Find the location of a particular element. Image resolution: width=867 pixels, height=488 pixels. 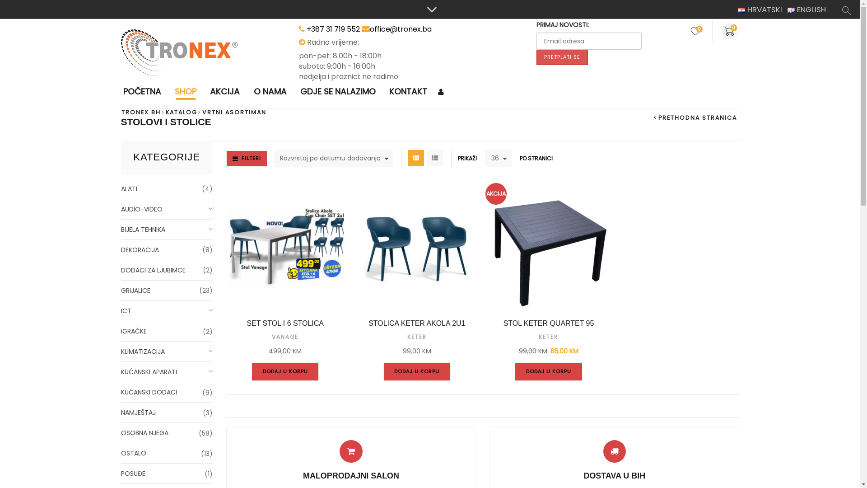

'ENGLISH' is located at coordinates (806, 9).